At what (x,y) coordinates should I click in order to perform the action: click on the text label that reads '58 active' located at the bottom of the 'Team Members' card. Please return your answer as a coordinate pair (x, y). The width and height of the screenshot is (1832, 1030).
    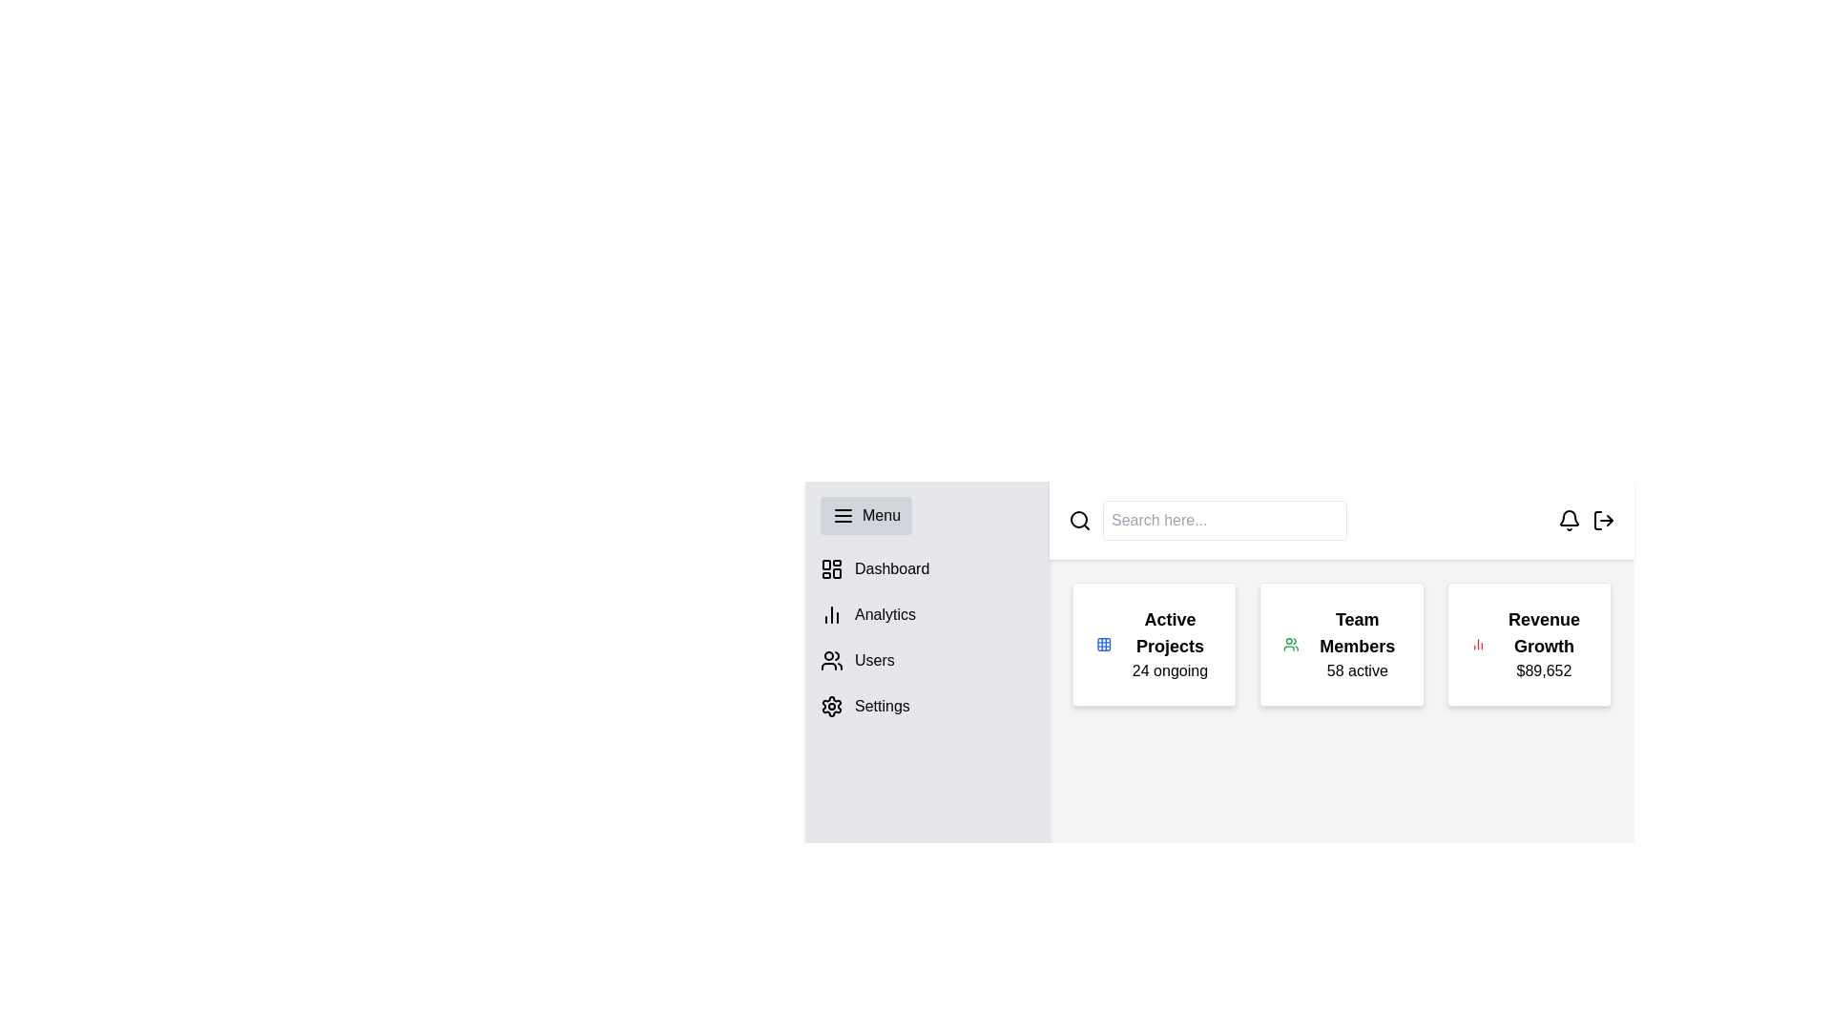
    Looking at the image, I should click on (1356, 670).